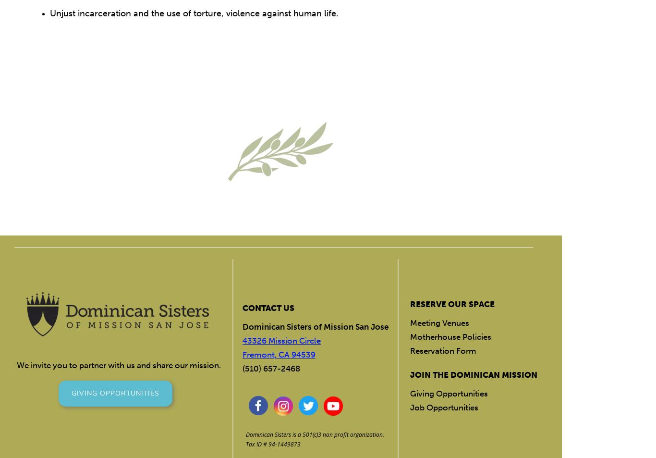 This screenshot has height=458, width=656. I want to click on 'GIVING OPPORTUNITIES', so click(115, 393).